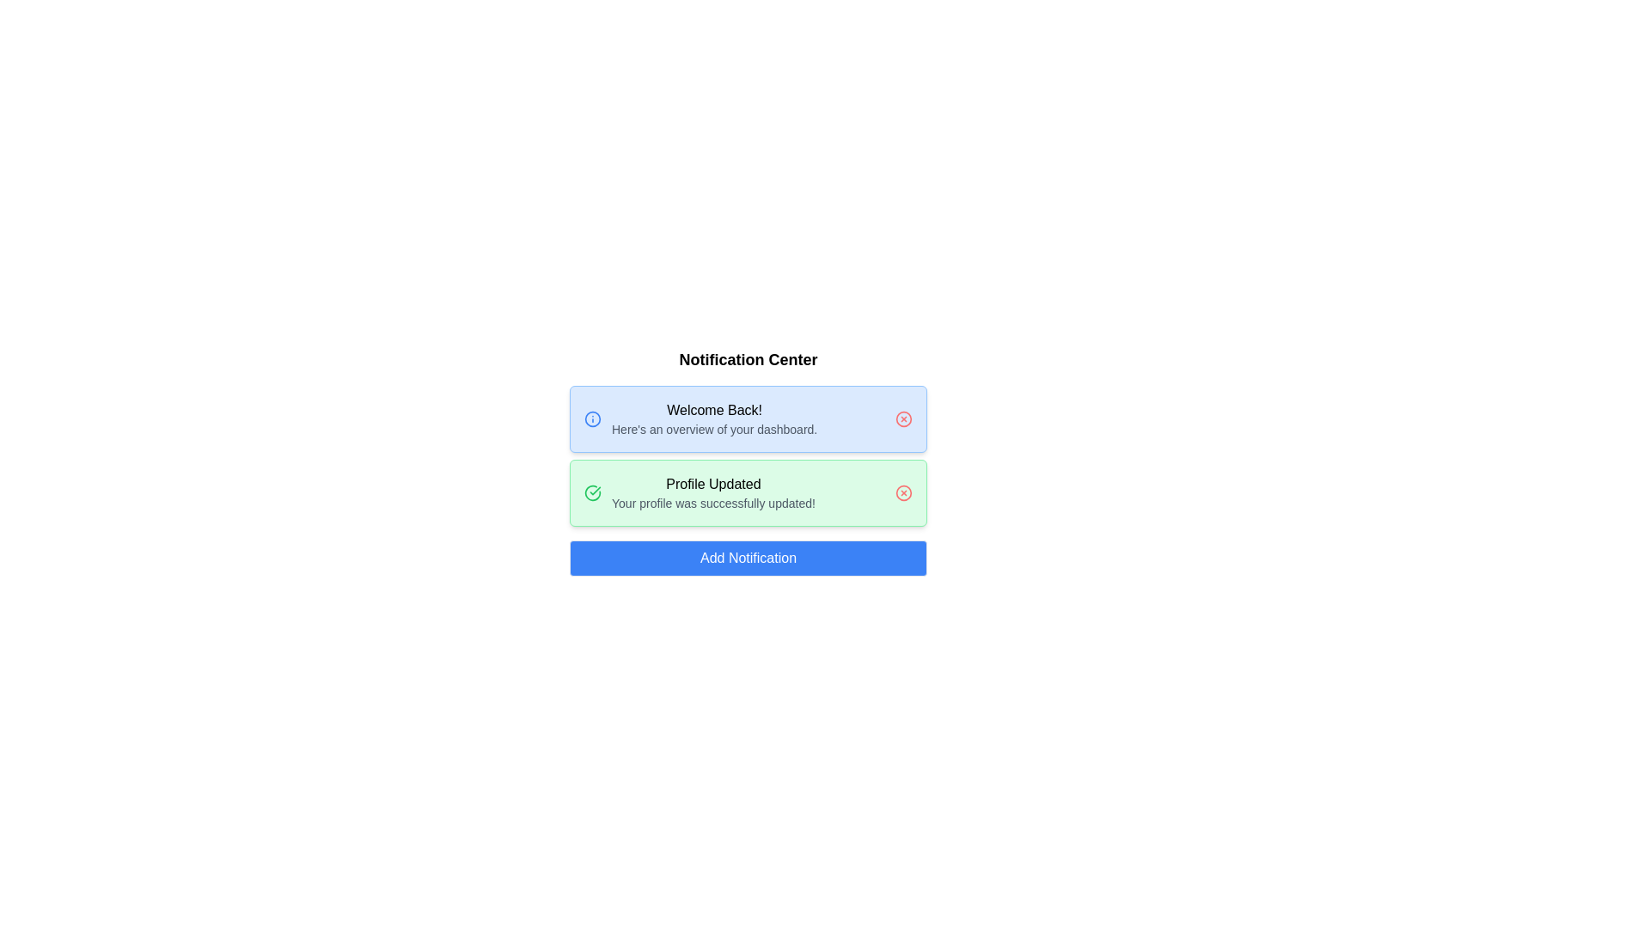 Image resolution: width=1650 pixels, height=928 pixels. Describe the element at coordinates (713, 503) in the screenshot. I see `contents of the text label displaying 'Your profile was successfully updated!', which is a confirmation message located below the heading 'Profile Updated' in a light green notification card` at that location.